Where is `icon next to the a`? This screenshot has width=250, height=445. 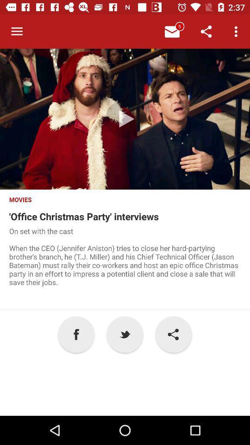
icon next to the a is located at coordinates (125, 334).